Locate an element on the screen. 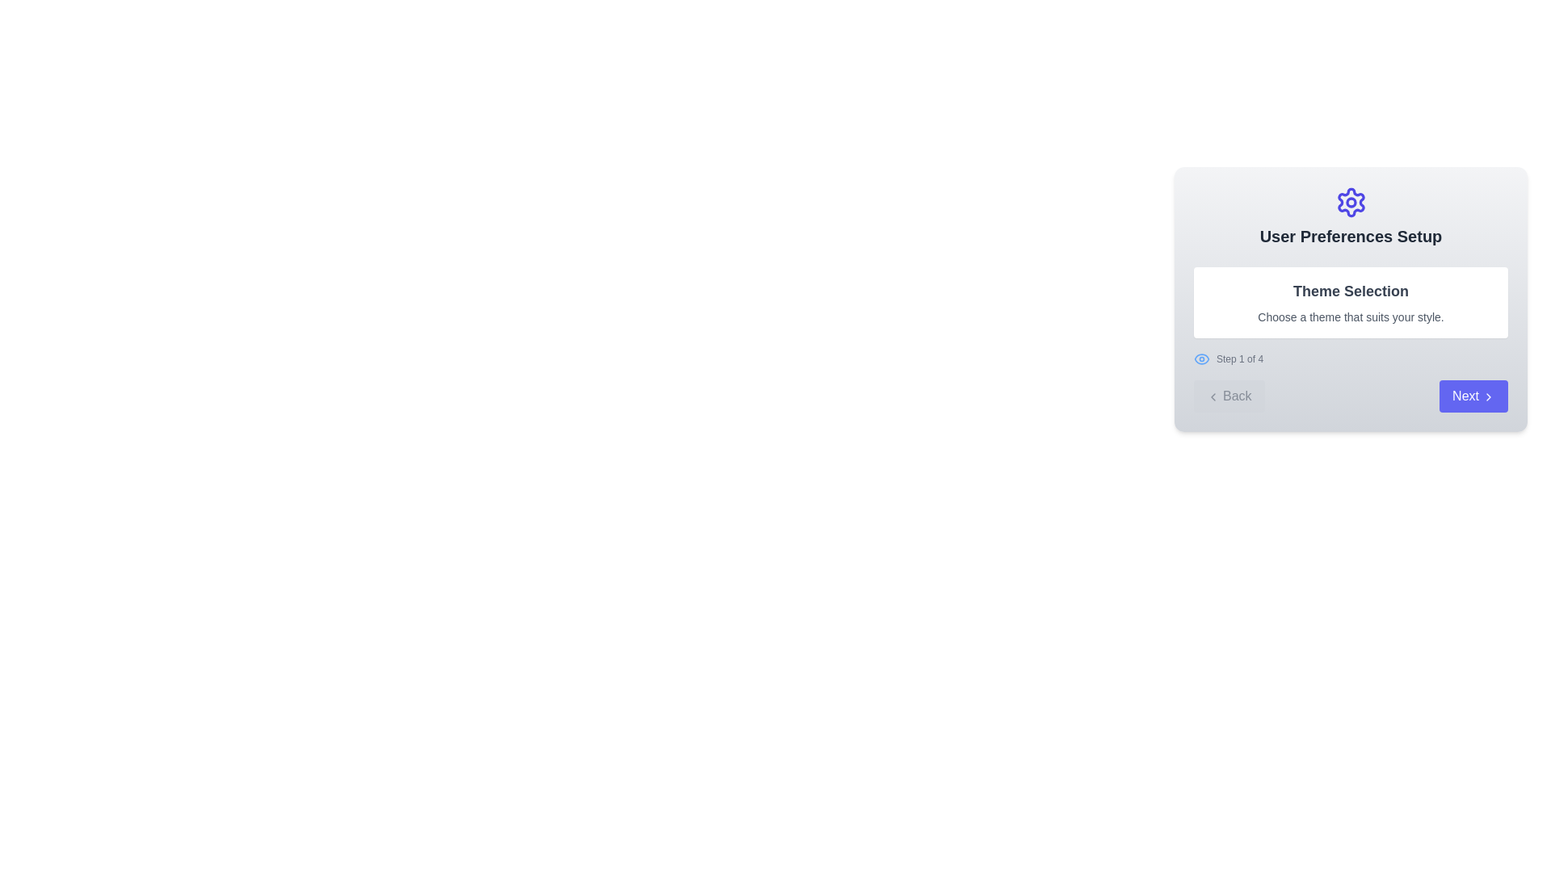  the decorative circle icon located at the center-top of the gear icon in the 'User Preferences Setup' dialog box is located at coordinates (1351, 201).